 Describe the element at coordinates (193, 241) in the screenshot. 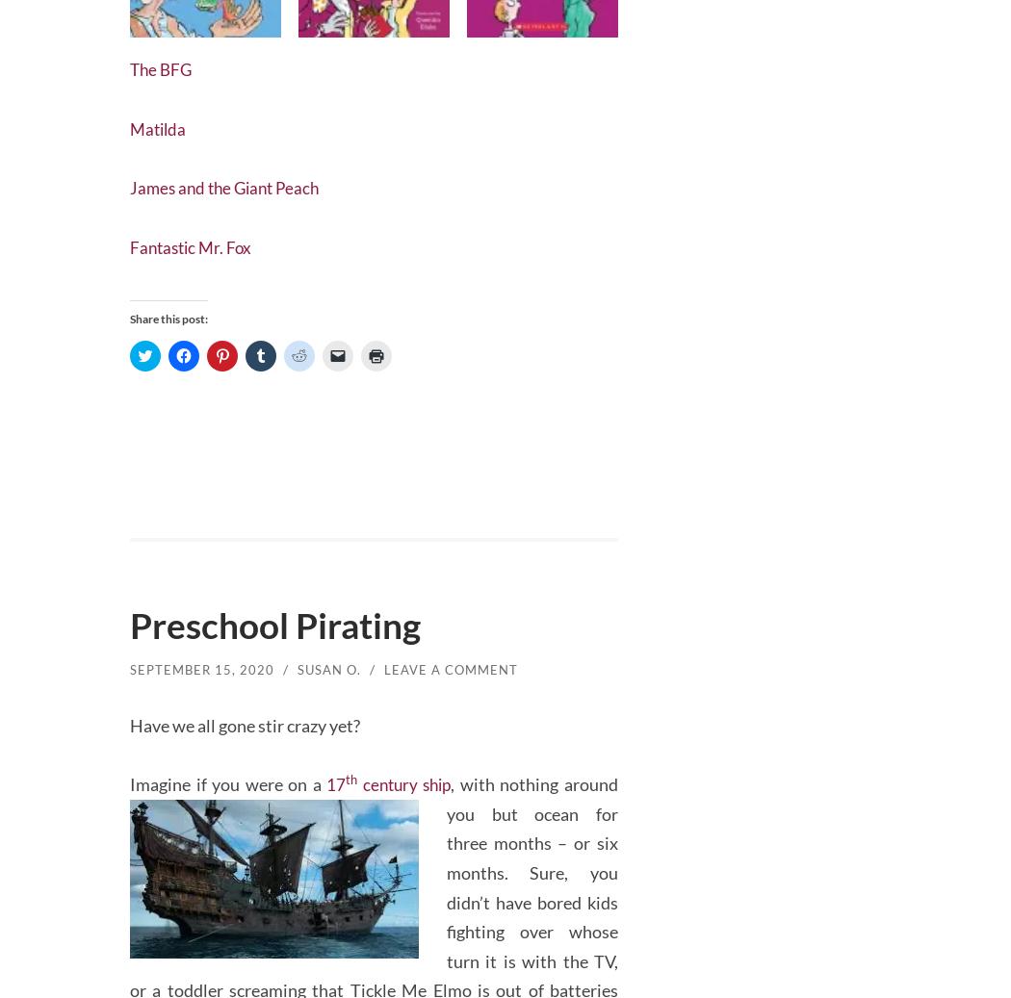

I see `'Fantastic Mr. Fox'` at that location.